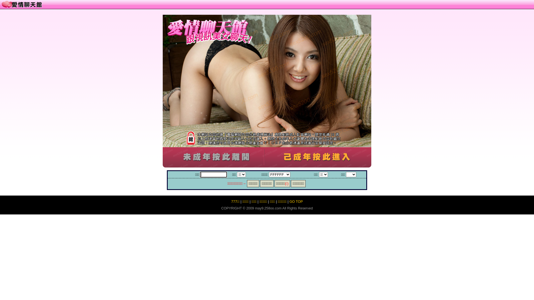 The width and height of the screenshot is (534, 300). What do you see at coordinates (268, 208) in the screenshot?
I see `'may9.258oo.com'` at bounding box center [268, 208].